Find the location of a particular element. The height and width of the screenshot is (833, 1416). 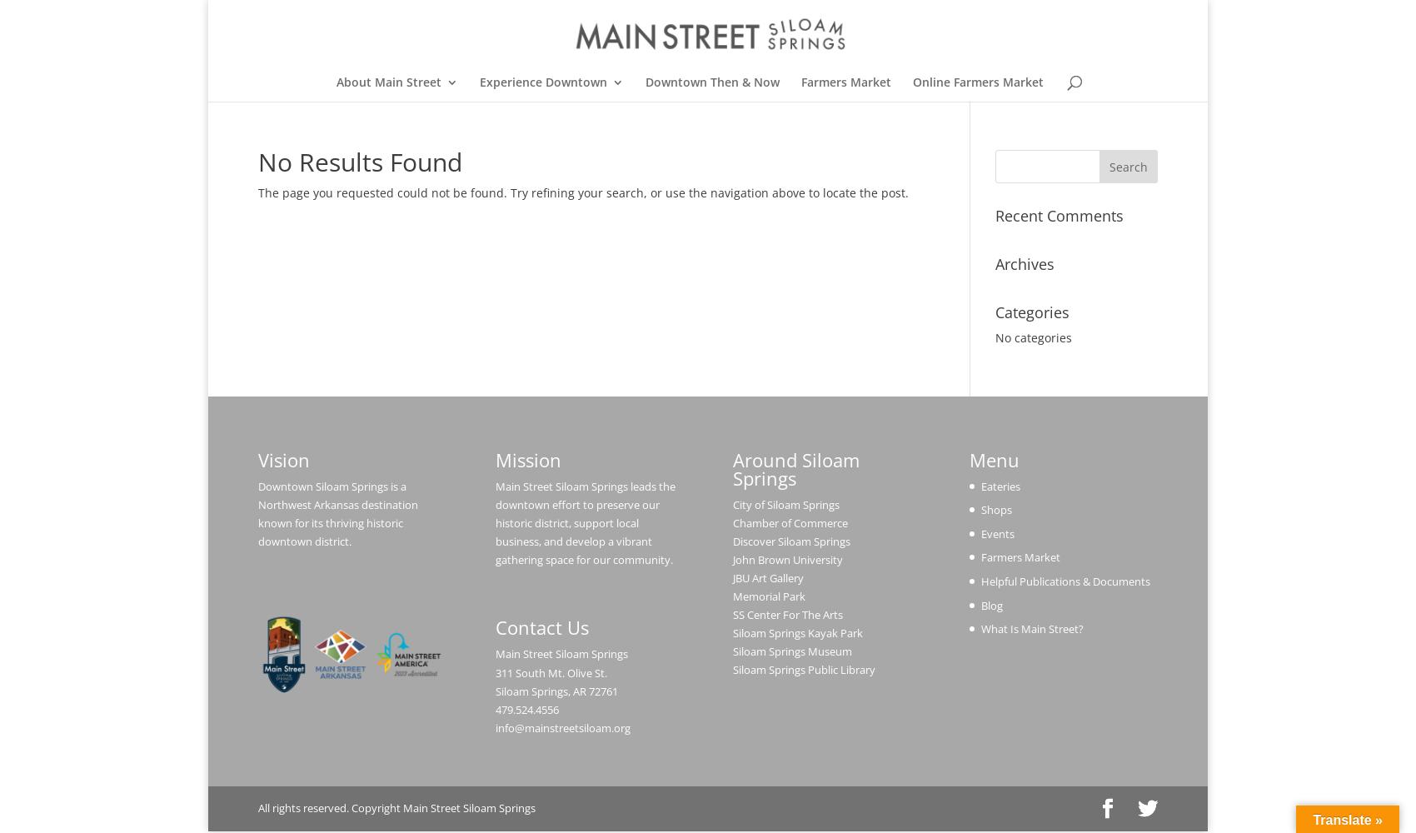

'No Results Found' is located at coordinates (360, 161).